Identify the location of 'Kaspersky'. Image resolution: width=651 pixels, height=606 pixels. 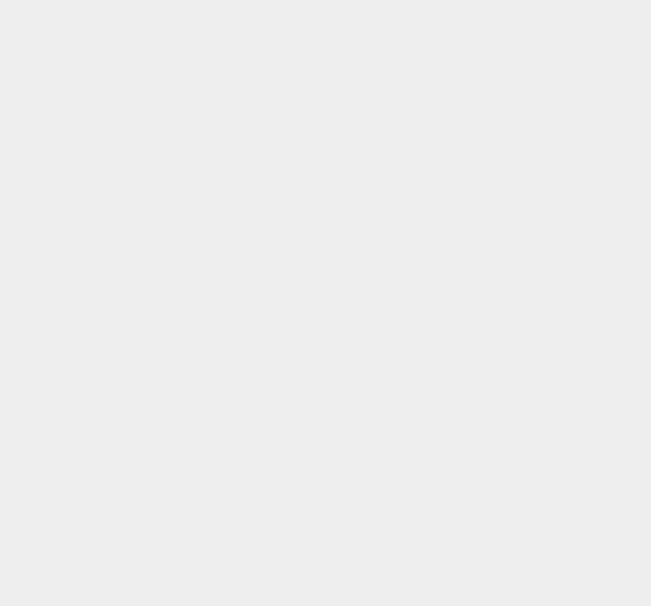
(478, 336).